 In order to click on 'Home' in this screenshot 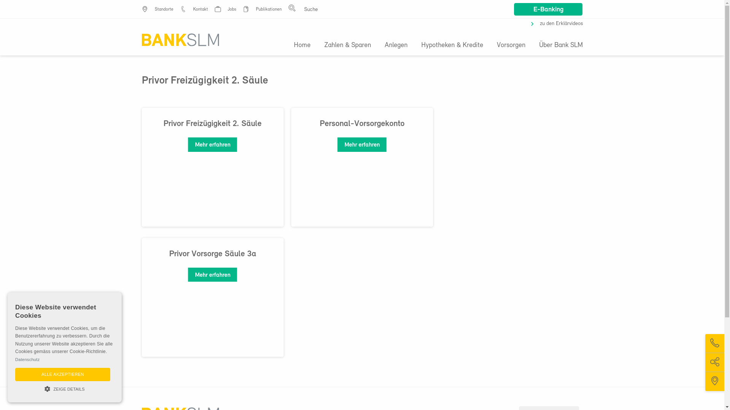, I will do `click(305, 45)`.